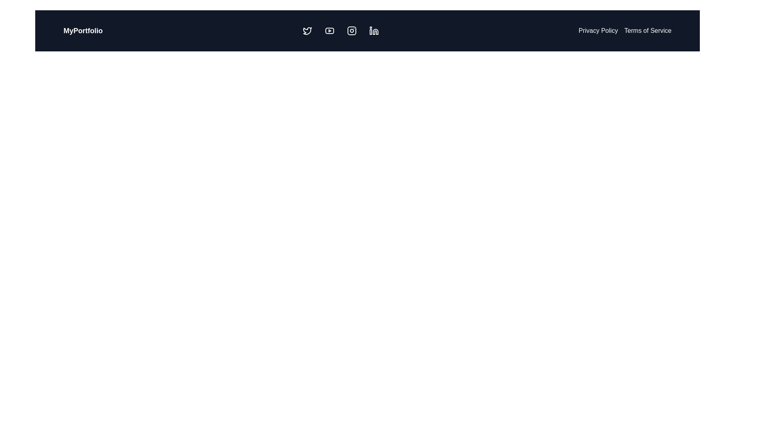 The height and width of the screenshot is (427, 760). Describe the element at coordinates (340, 30) in the screenshot. I see `the horizontal navigation bar containing social media icons located centrally in the header section` at that location.